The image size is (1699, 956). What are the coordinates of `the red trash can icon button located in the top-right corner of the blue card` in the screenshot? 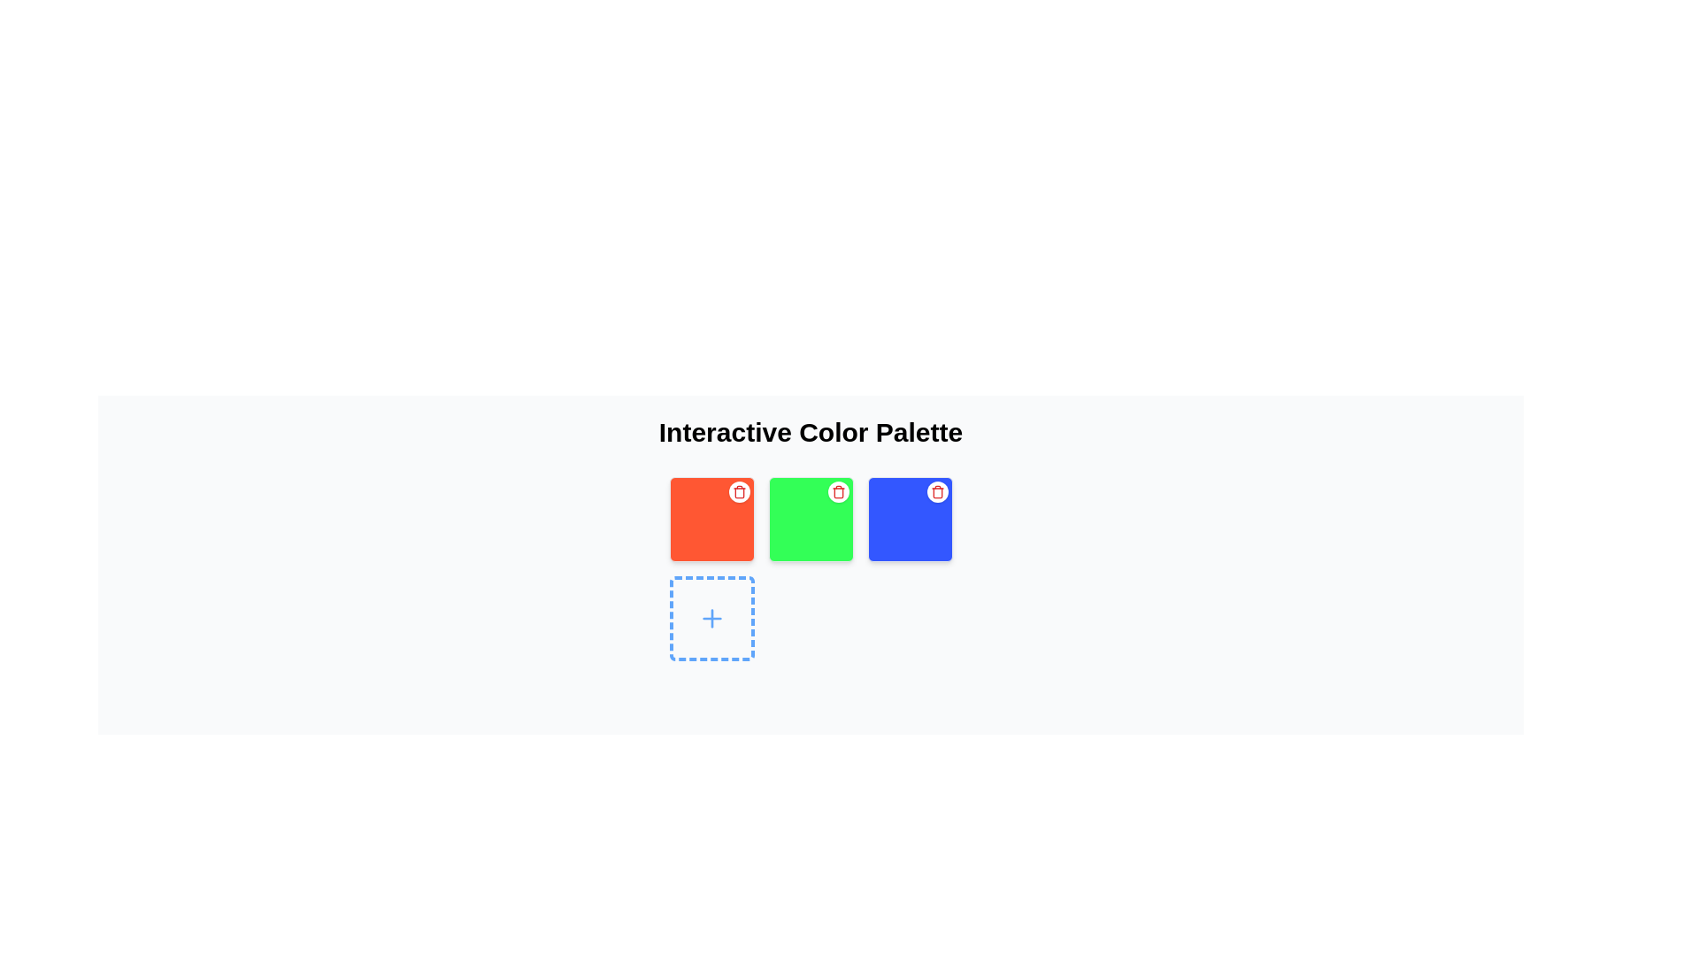 It's located at (936, 491).